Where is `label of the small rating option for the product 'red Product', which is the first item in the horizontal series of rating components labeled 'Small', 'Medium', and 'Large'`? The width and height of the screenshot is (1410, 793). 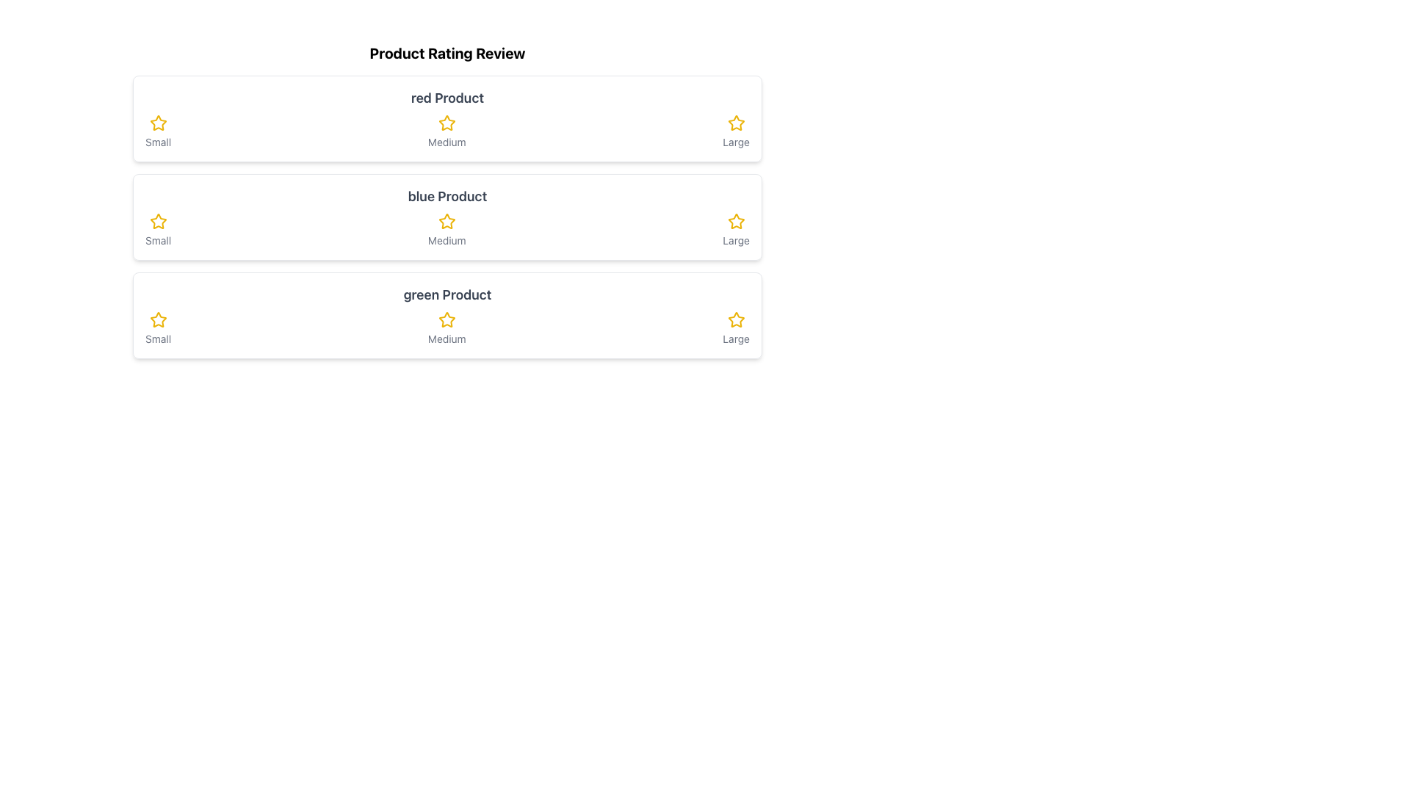 label of the small rating option for the product 'red Product', which is the first item in the horizontal series of rating components labeled 'Small', 'Medium', and 'Large' is located at coordinates (158, 132).